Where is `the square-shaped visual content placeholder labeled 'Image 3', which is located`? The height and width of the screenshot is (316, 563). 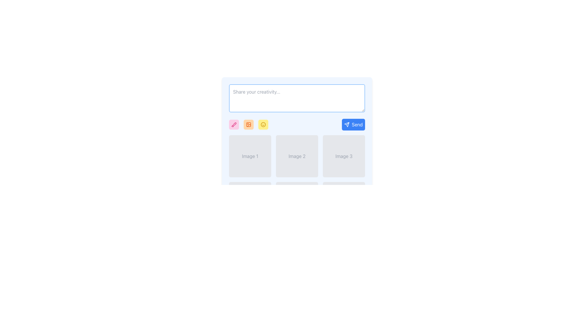
the square-shaped visual content placeholder labeled 'Image 3', which is located is located at coordinates (344, 156).